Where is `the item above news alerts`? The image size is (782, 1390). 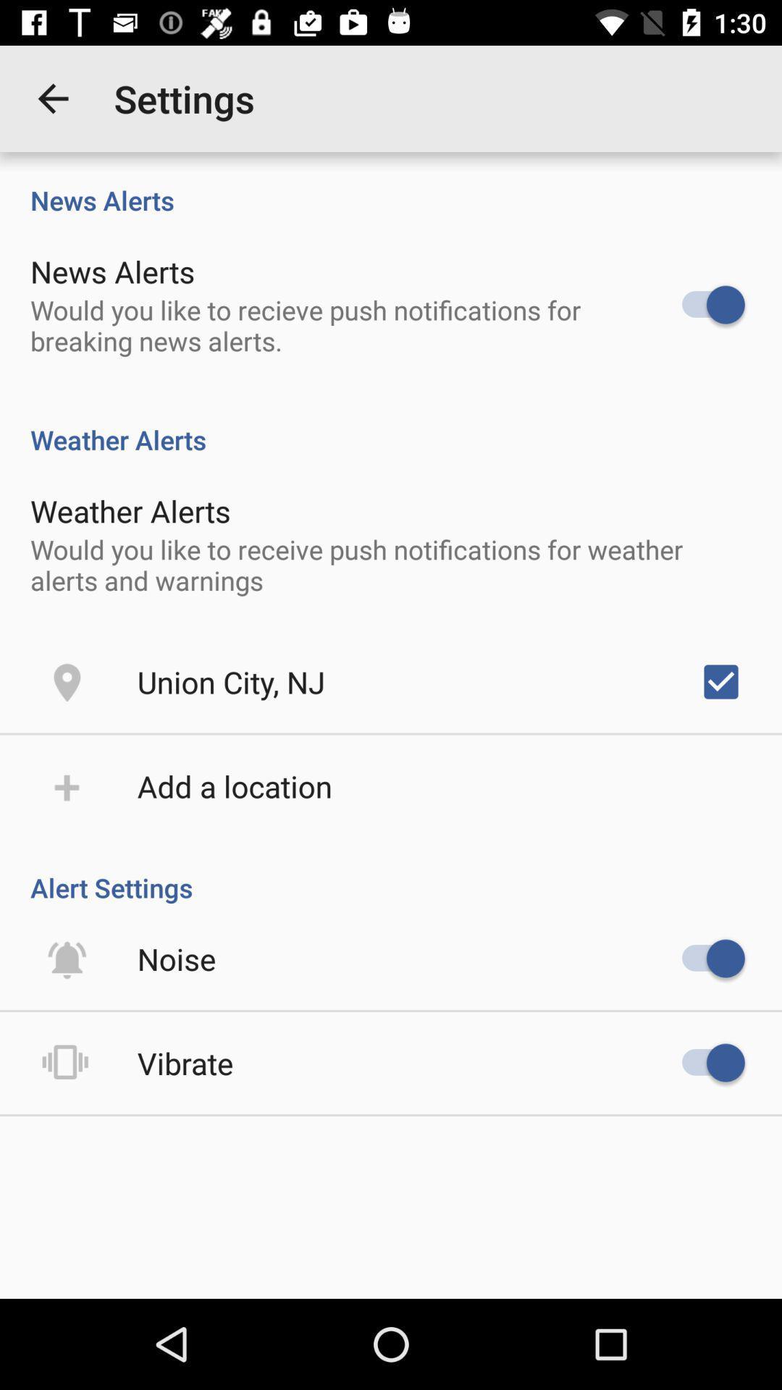 the item above news alerts is located at coordinates (52, 98).